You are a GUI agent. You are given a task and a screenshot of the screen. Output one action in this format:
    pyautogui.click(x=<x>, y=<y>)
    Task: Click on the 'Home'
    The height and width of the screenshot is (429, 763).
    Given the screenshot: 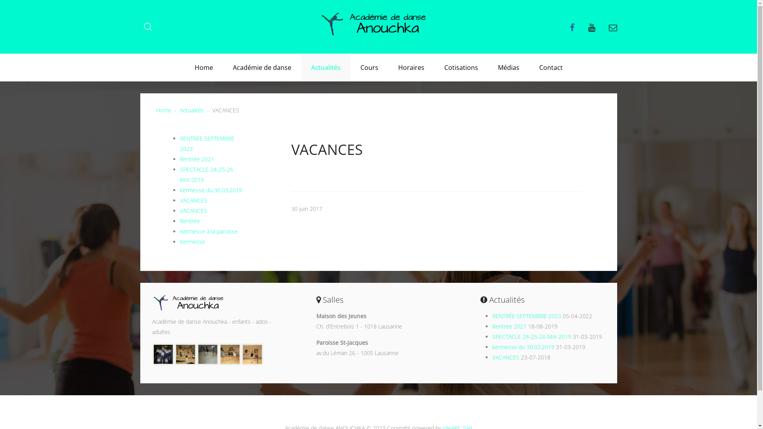 What is the action you would take?
    pyautogui.click(x=163, y=110)
    